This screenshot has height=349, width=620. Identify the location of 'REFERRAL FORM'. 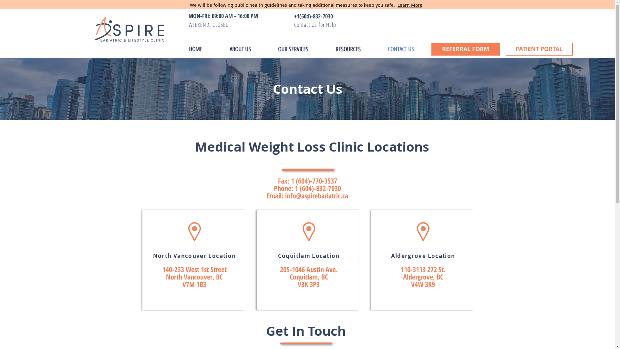
(466, 48).